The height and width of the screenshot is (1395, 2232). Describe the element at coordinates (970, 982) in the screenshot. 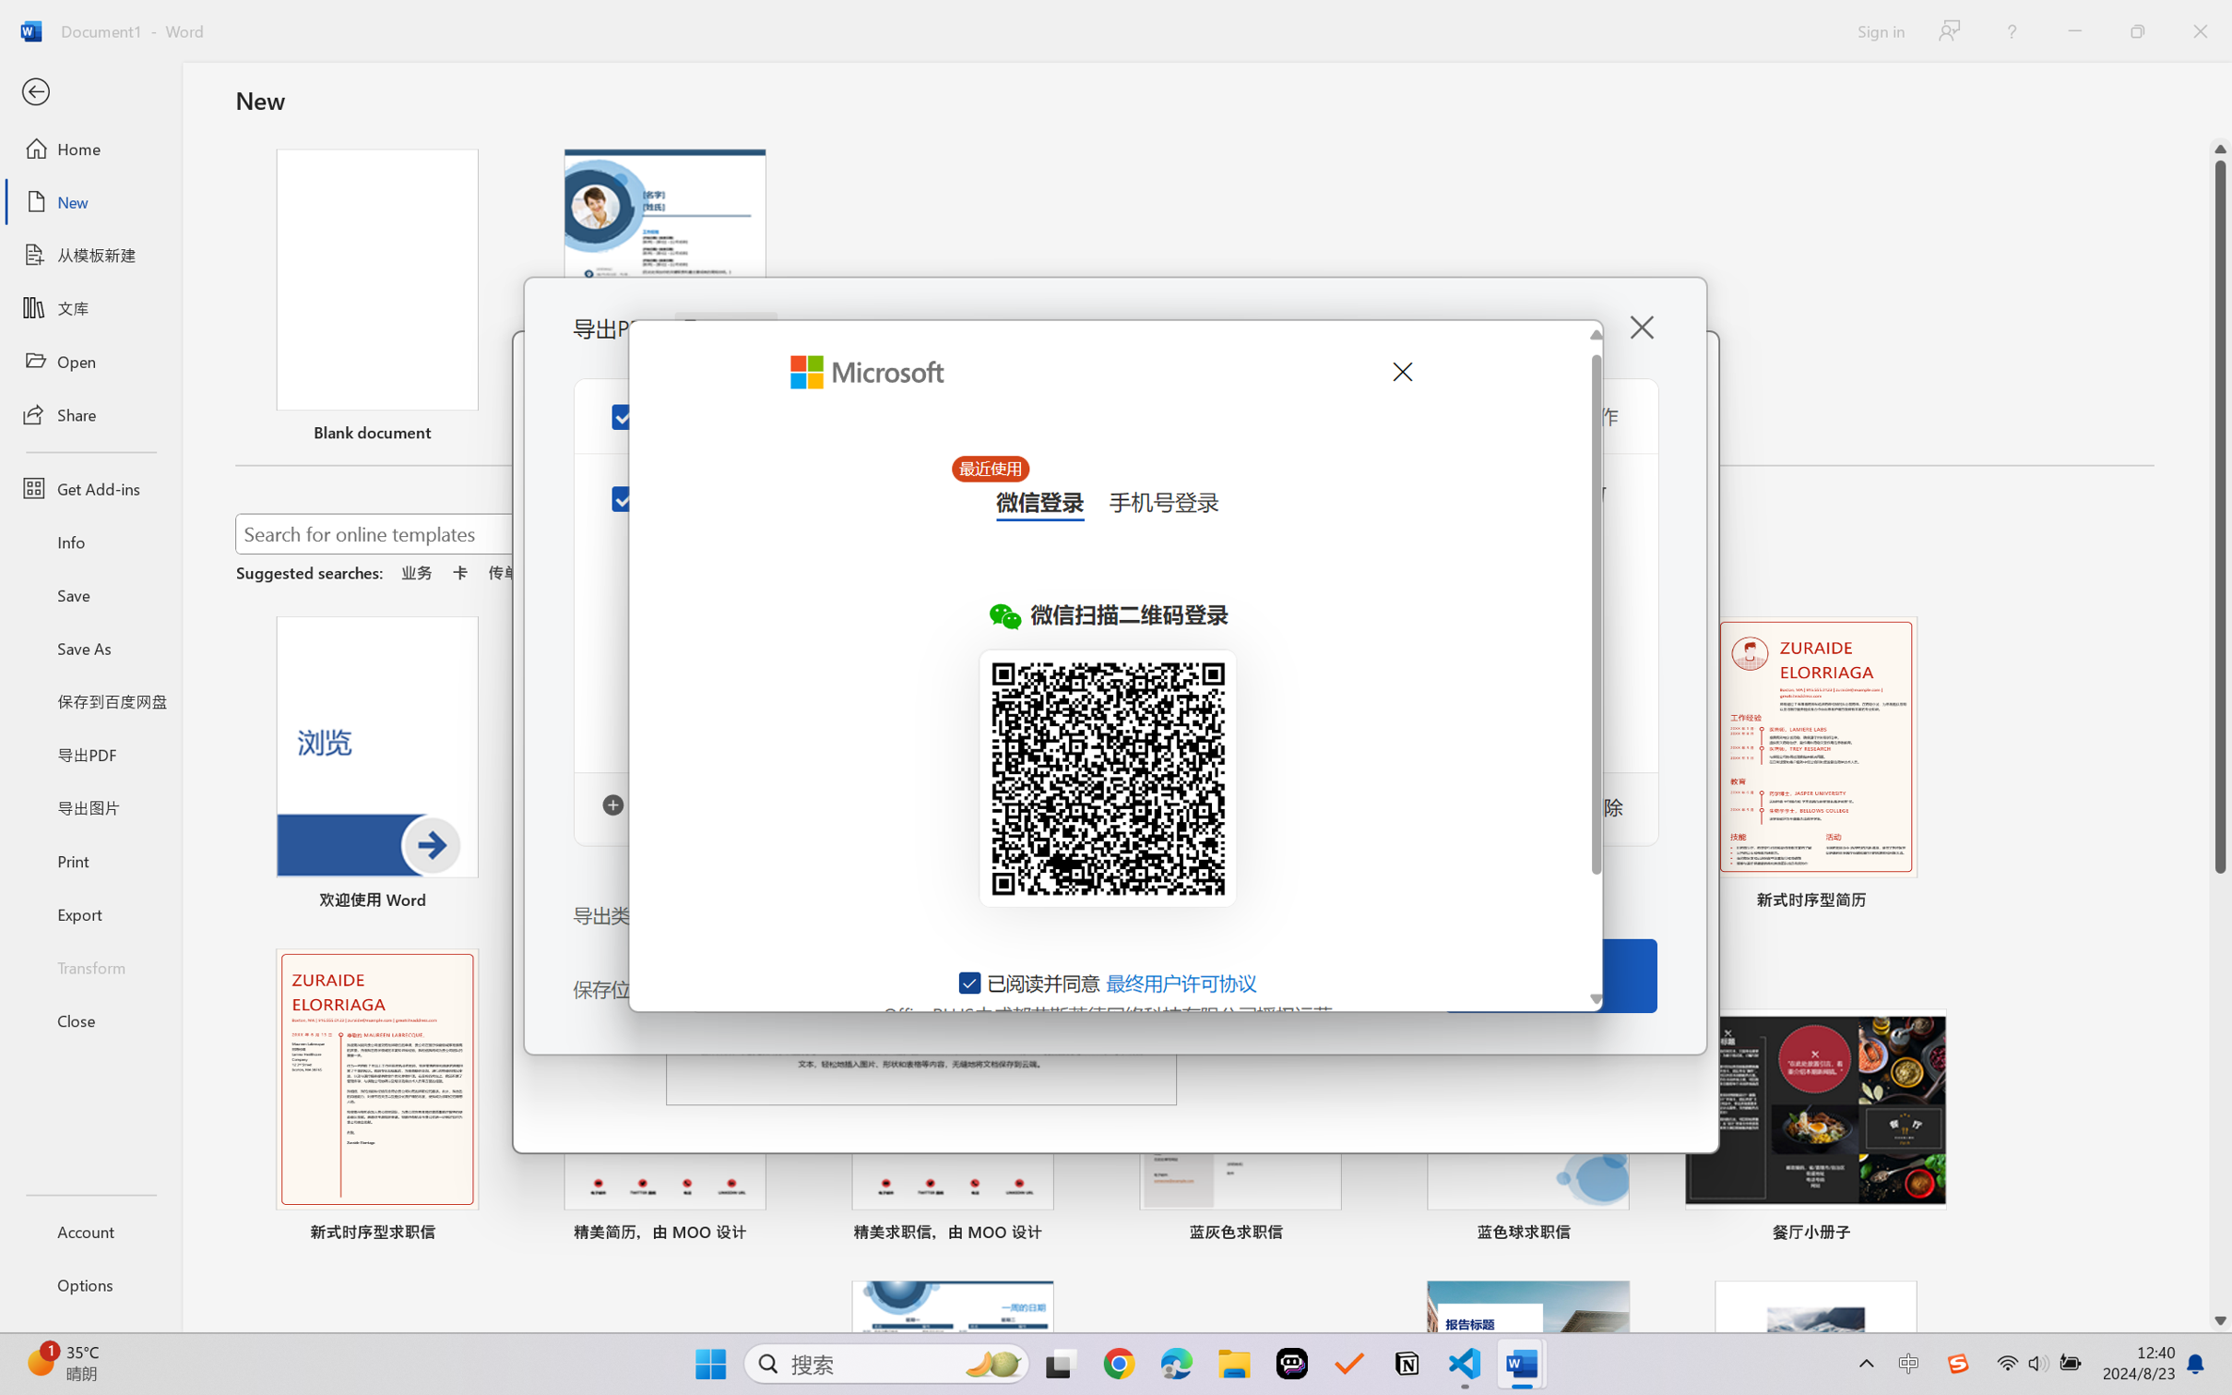

I see `'AutomationID: checkbox-14'` at that location.